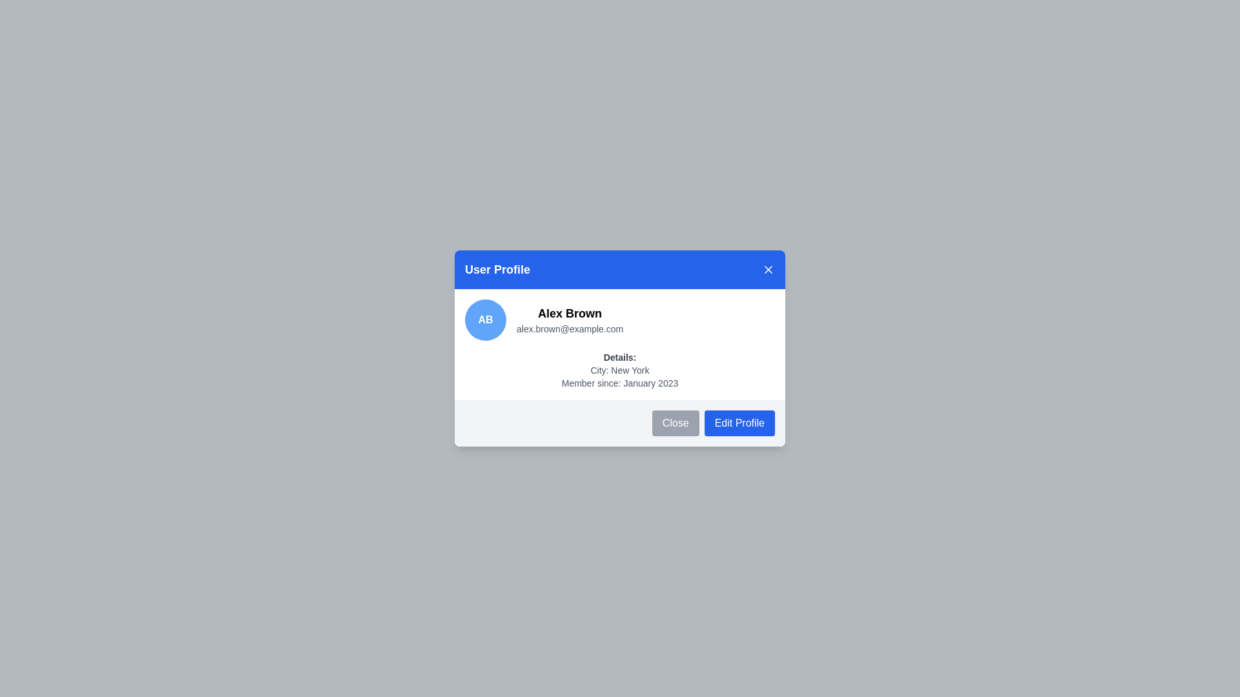 Image resolution: width=1240 pixels, height=697 pixels. Describe the element at coordinates (620, 358) in the screenshot. I see `the Static Text Label that indicates the user details, located centrally within the user profile card beneath the user name and email` at that location.